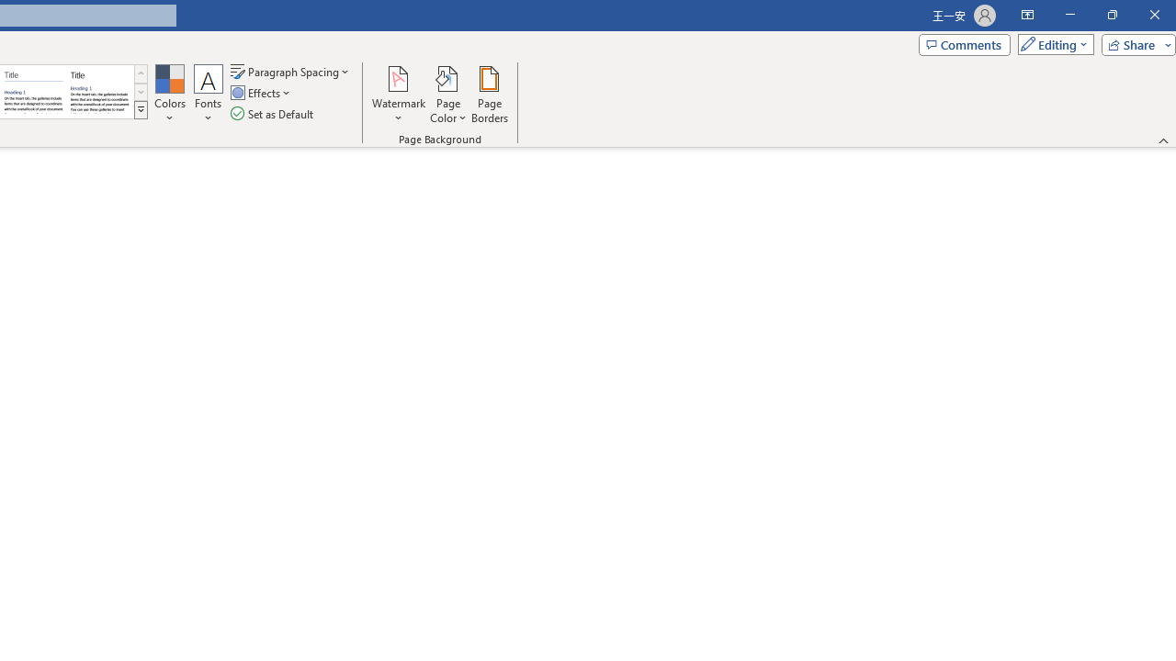 The image size is (1176, 661). I want to click on 'Page Borders...', so click(490, 95).